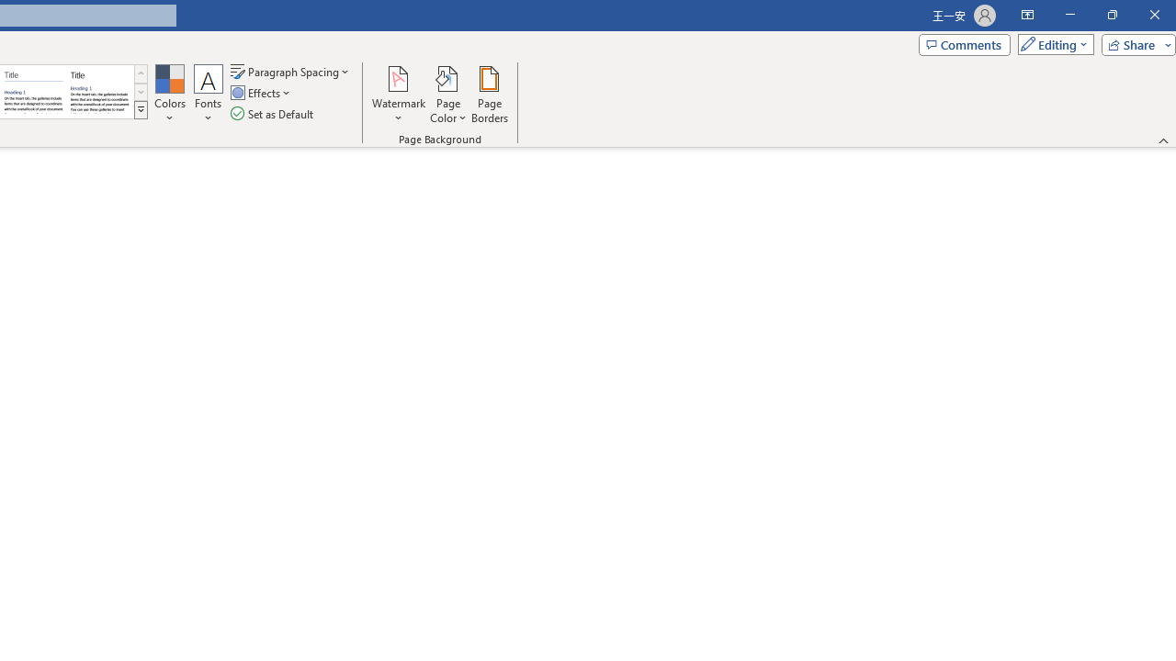 The image size is (1176, 661). I want to click on 'Page Borders...', so click(490, 95).